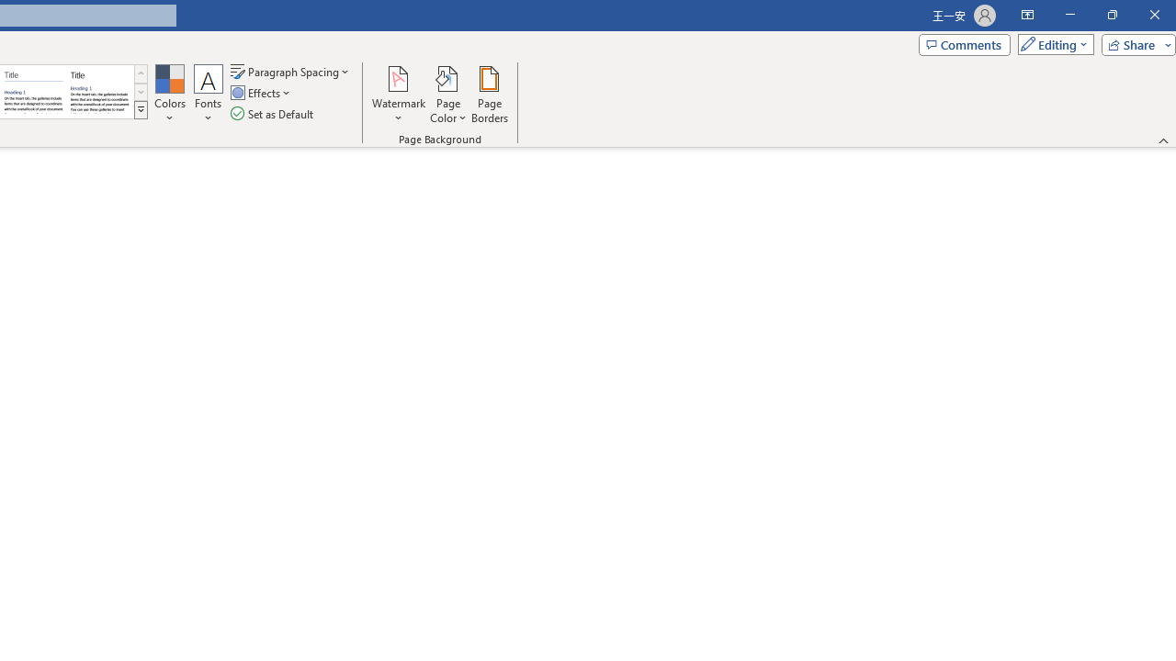 The image size is (1176, 661). I want to click on 'Page Borders...', so click(490, 95).